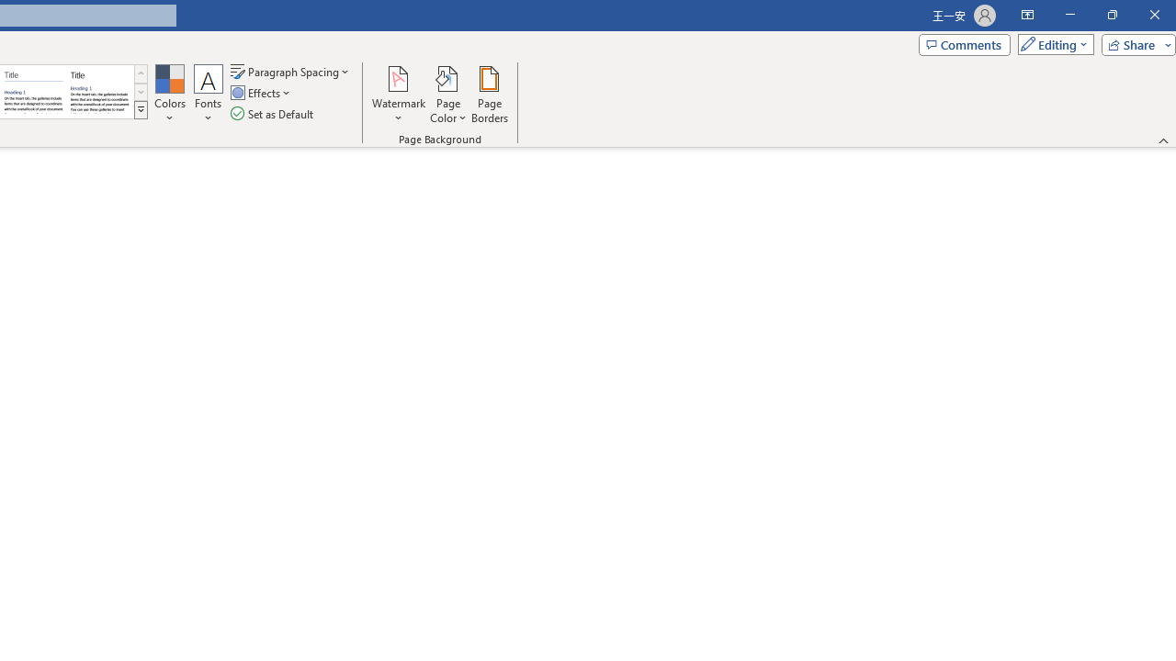 The image size is (1176, 661). I want to click on 'Page Borders...', so click(490, 95).